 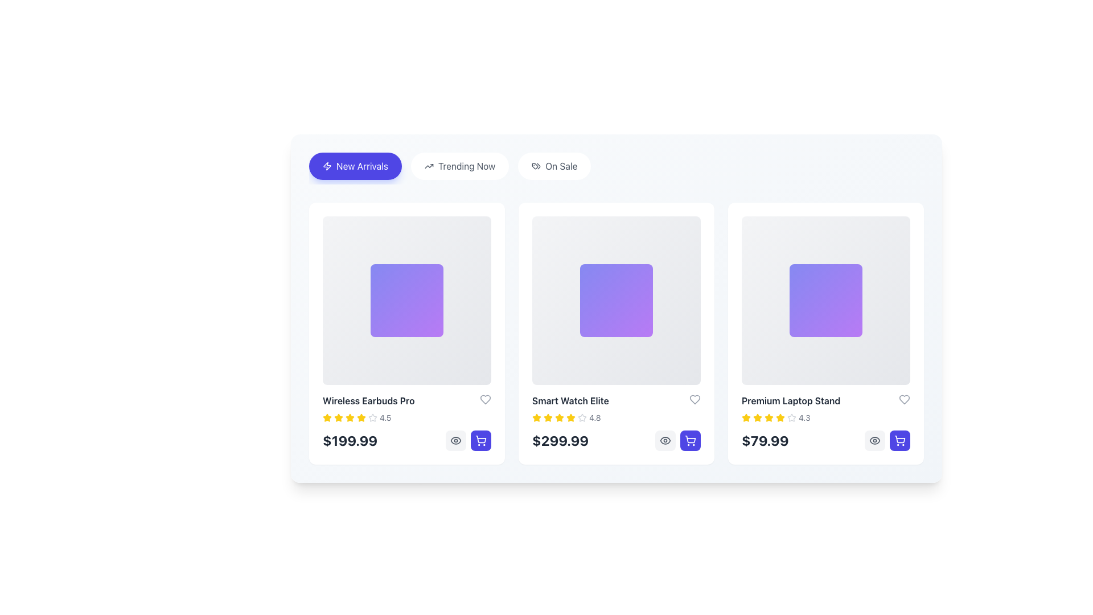 I want to click on the price display showing '$299.99', which is styled in bold and large font, located near the bottom-center of the product card for 'Smart Watch Elite', so click(x=560, y=440).